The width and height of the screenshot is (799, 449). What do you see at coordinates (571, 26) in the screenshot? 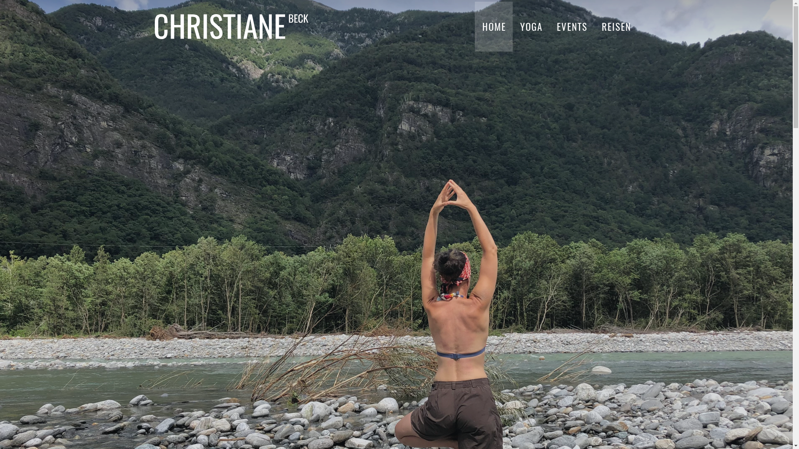
I see `'EVENTS'` at bounding box center [571, 26].